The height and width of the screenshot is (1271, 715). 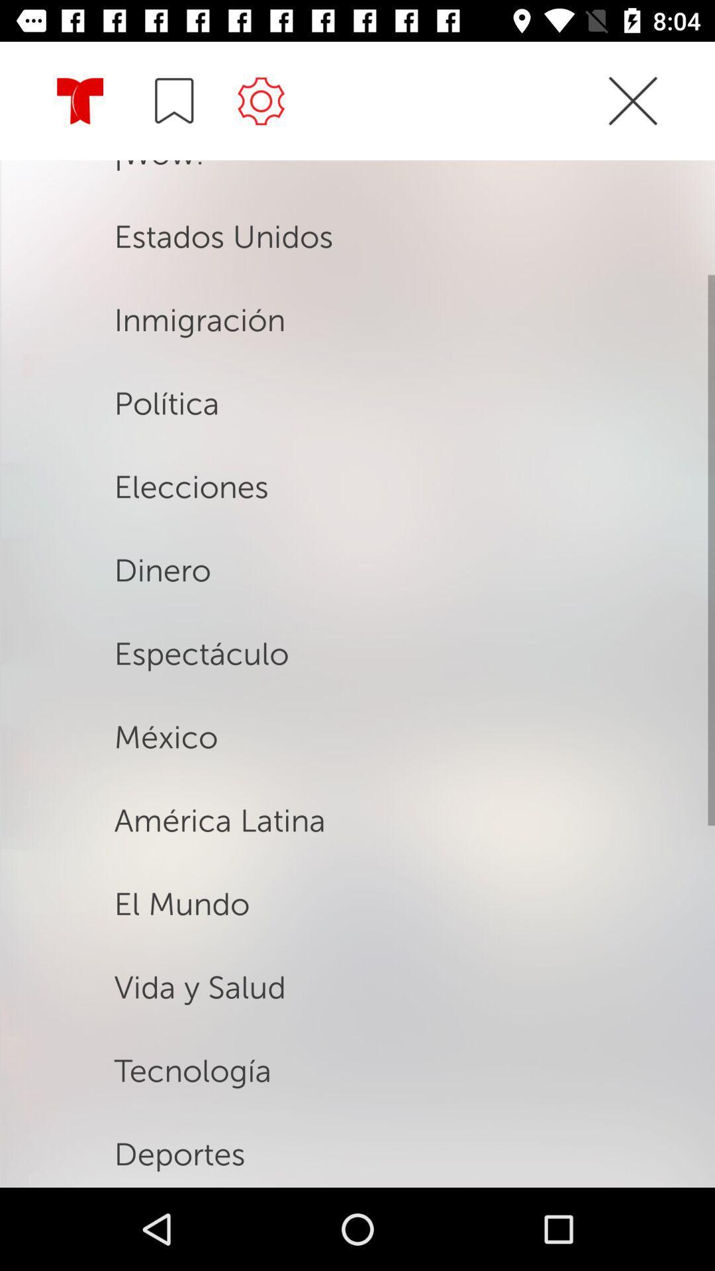 I want to click on the close icon, so click(x=632, y=124).